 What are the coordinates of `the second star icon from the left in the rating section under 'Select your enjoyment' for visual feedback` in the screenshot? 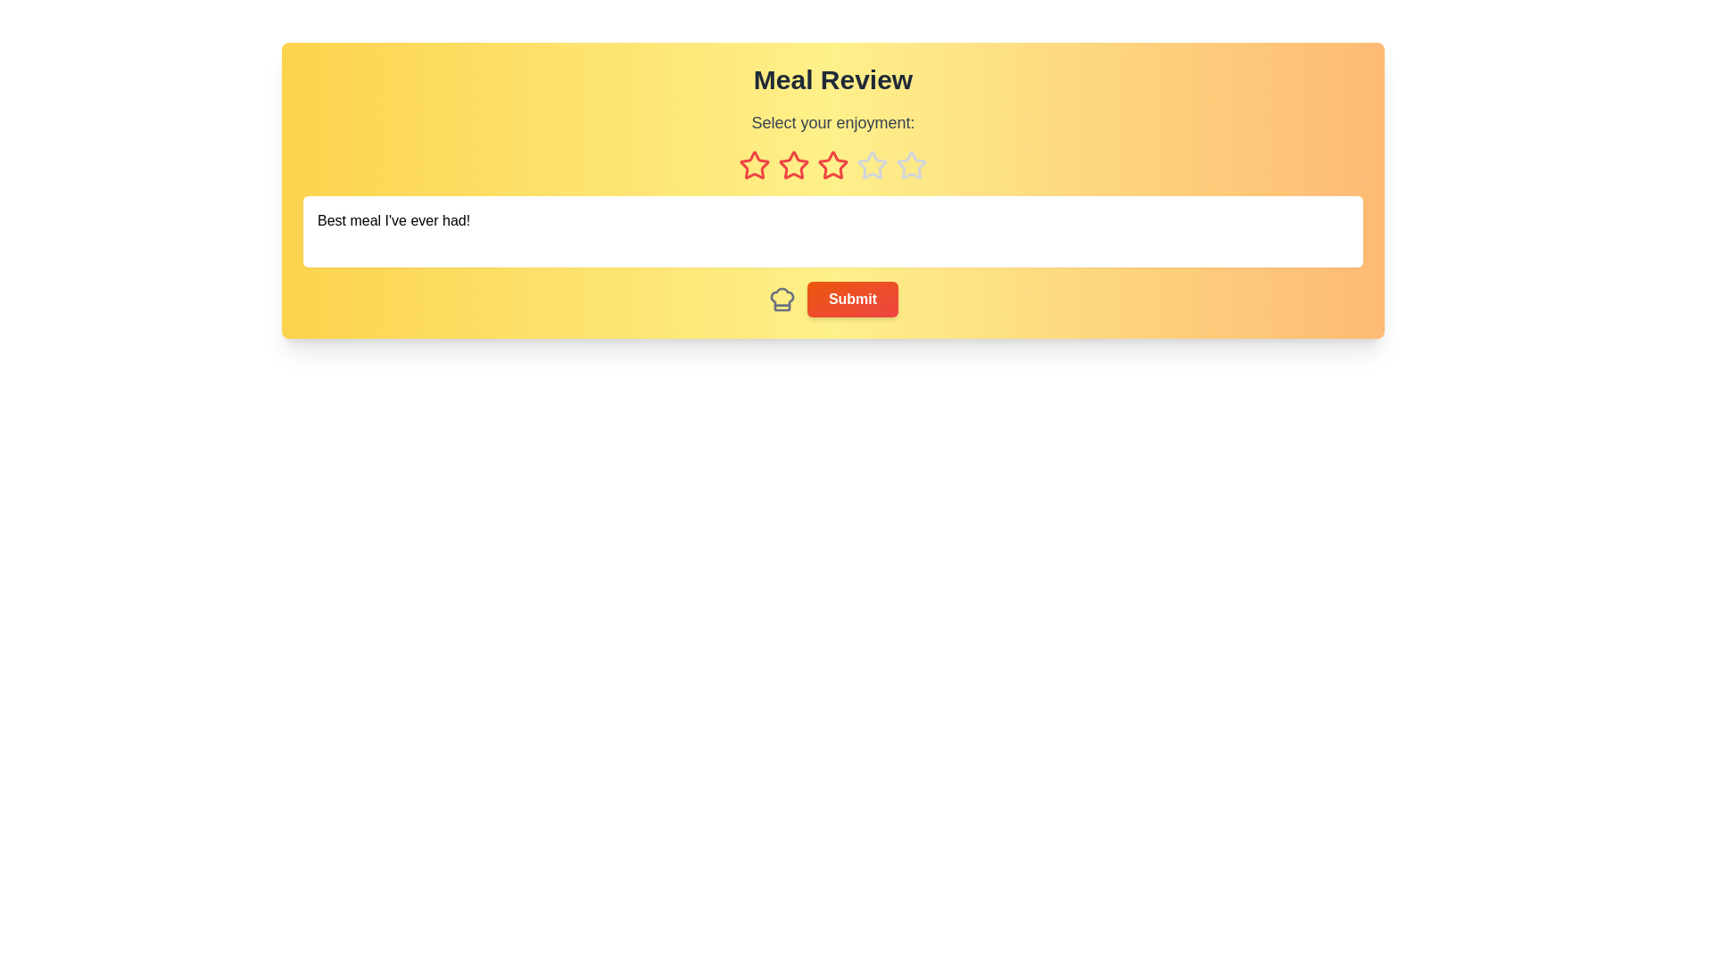 It's located at (792, 165).